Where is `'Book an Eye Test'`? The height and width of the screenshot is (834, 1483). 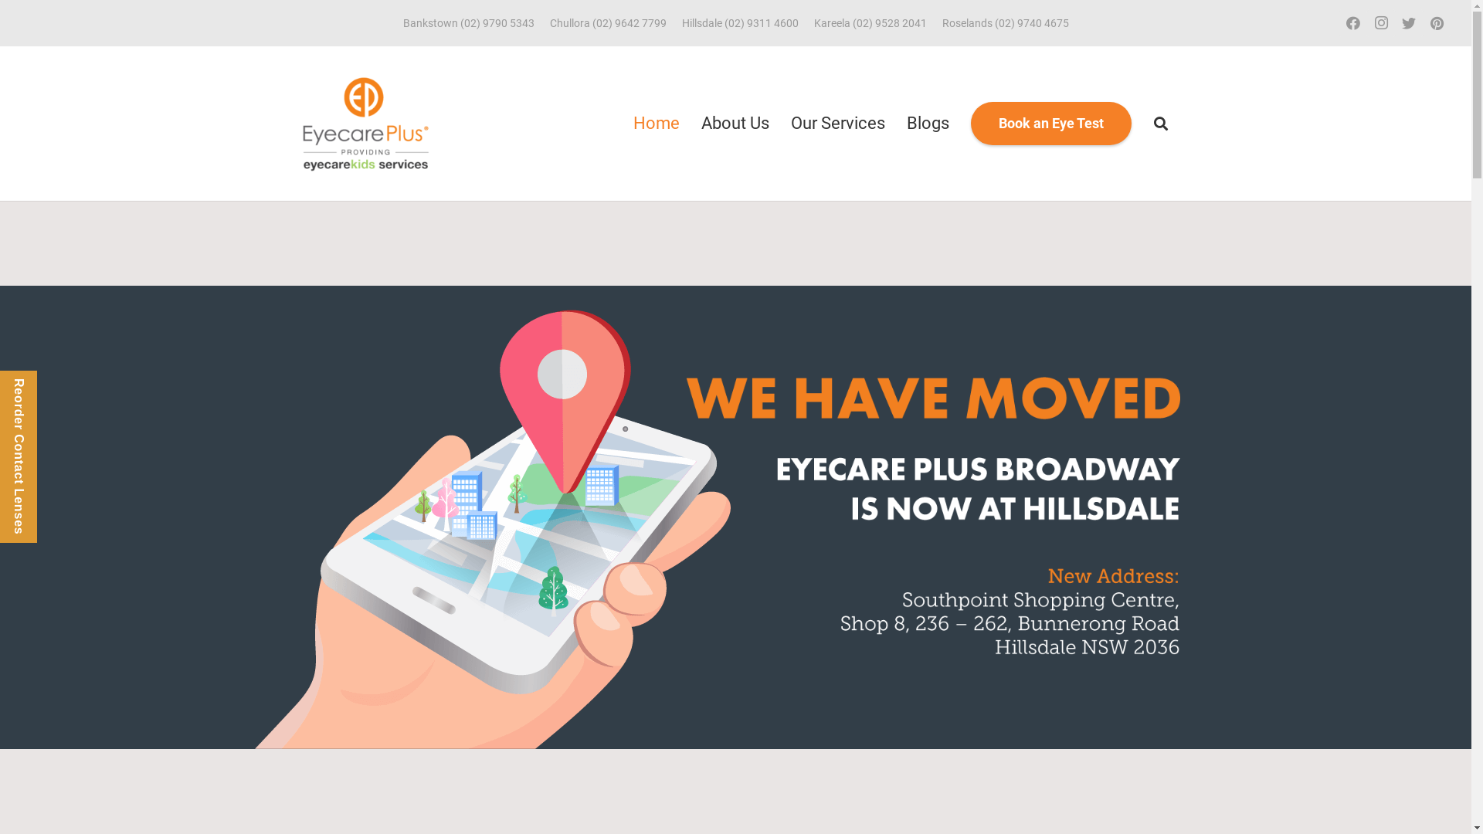 'Book an Eye Test' is located at coordinates (970, 122).